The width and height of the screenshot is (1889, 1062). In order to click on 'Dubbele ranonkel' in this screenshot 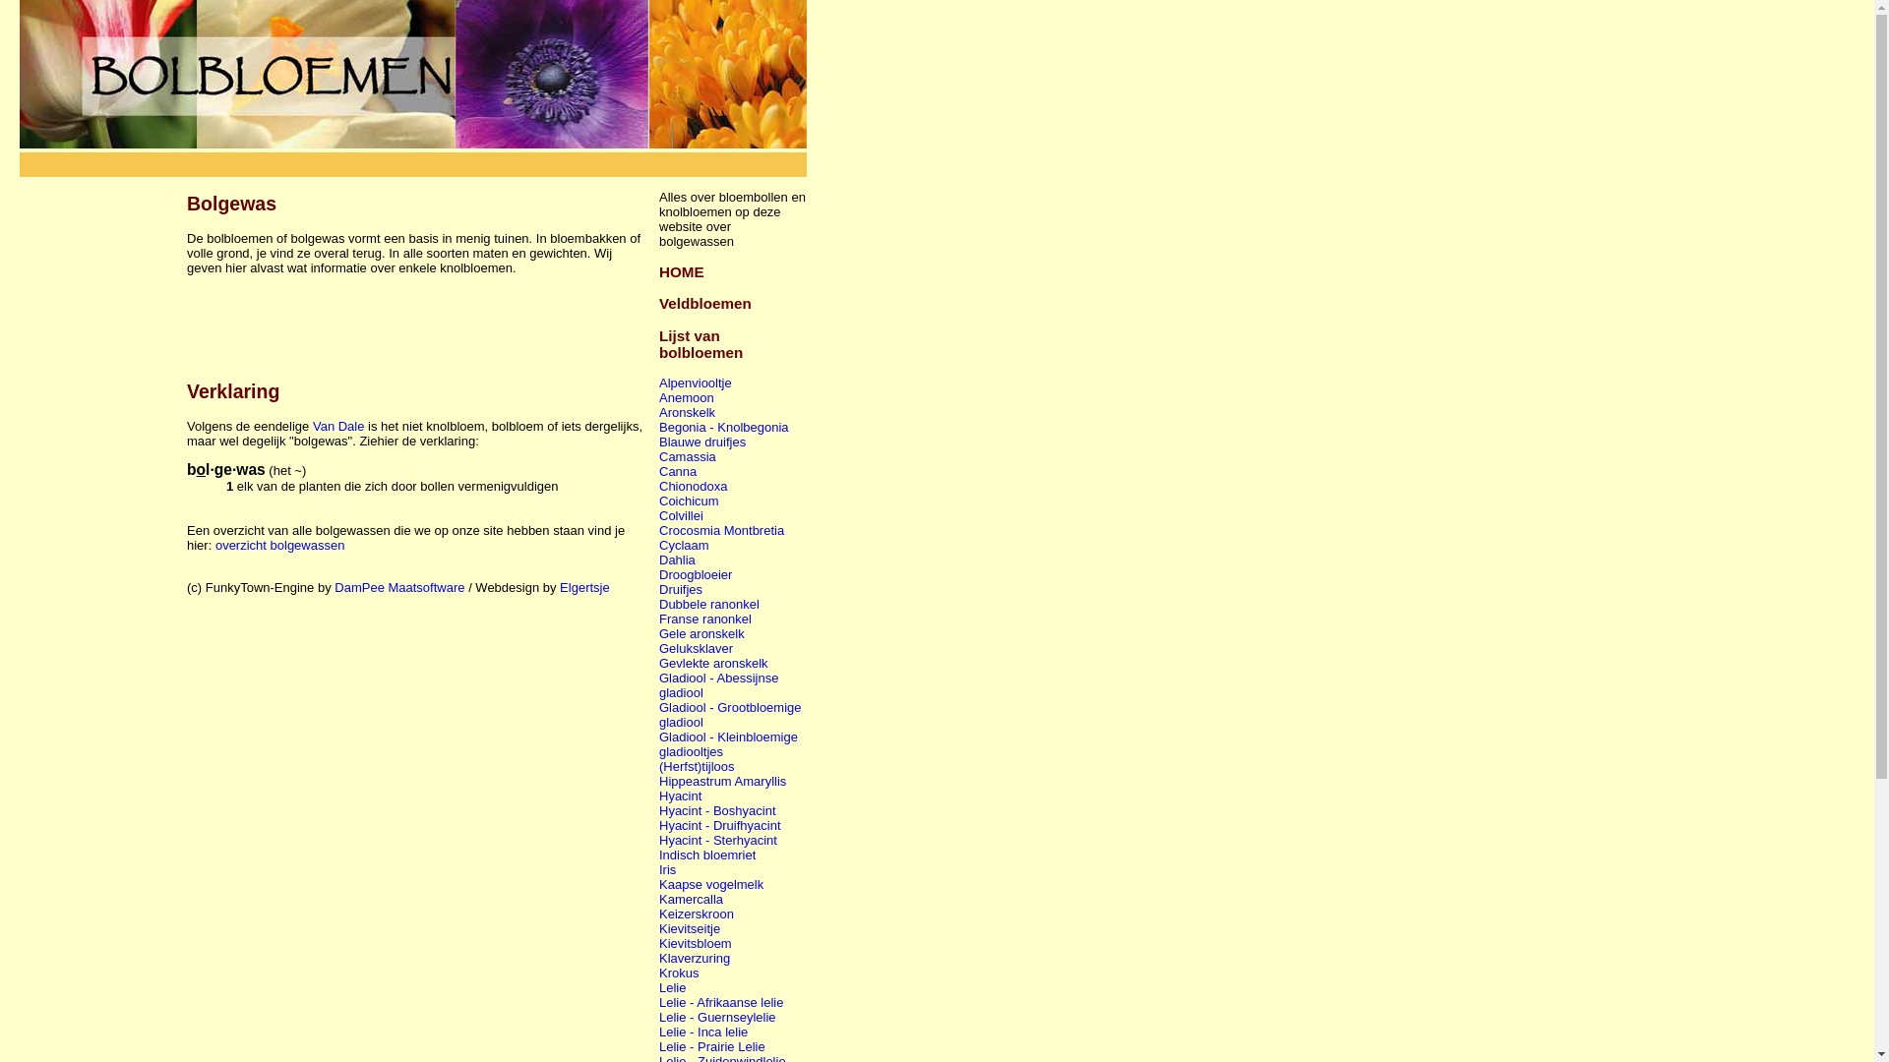, I will do `click(708, 603)`.